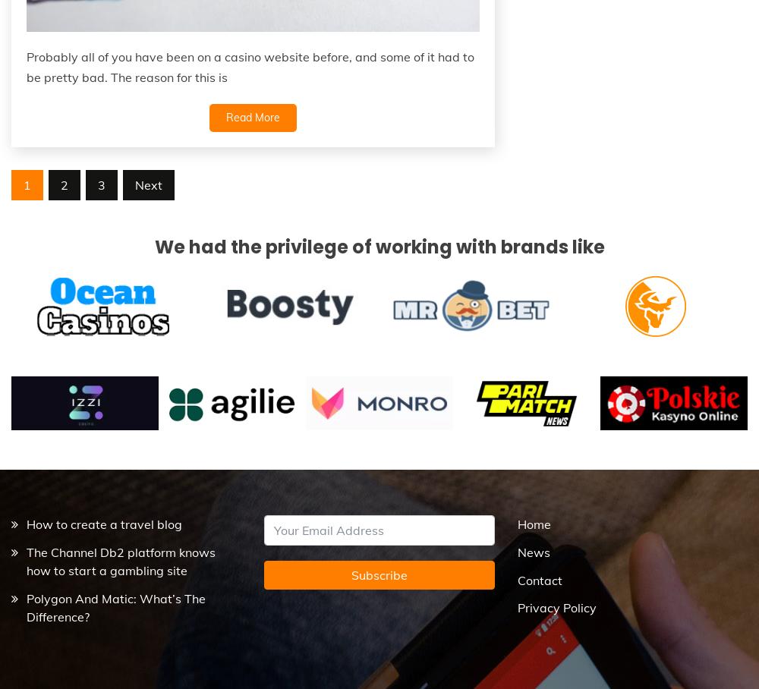 The width and height of the screenshot is (759, 689). Describe the element at coordinates (148, 183) in the screenshot. I see `'Next'` at that location.